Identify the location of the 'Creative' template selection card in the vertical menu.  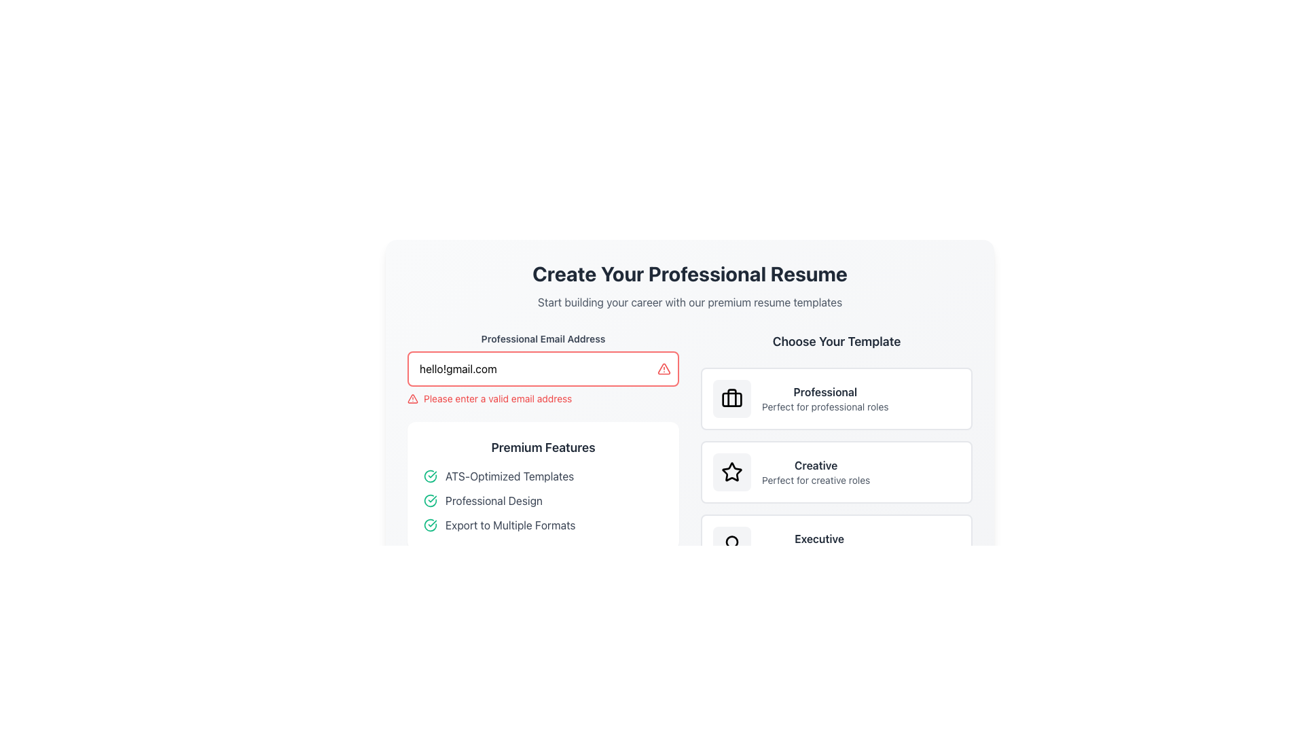
(836, 471).